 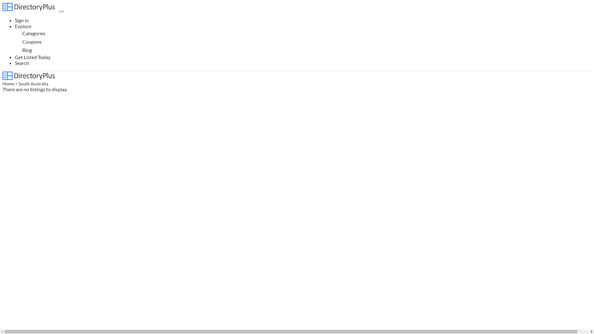 I want to click on 'Home', so click(x=8, y=83).